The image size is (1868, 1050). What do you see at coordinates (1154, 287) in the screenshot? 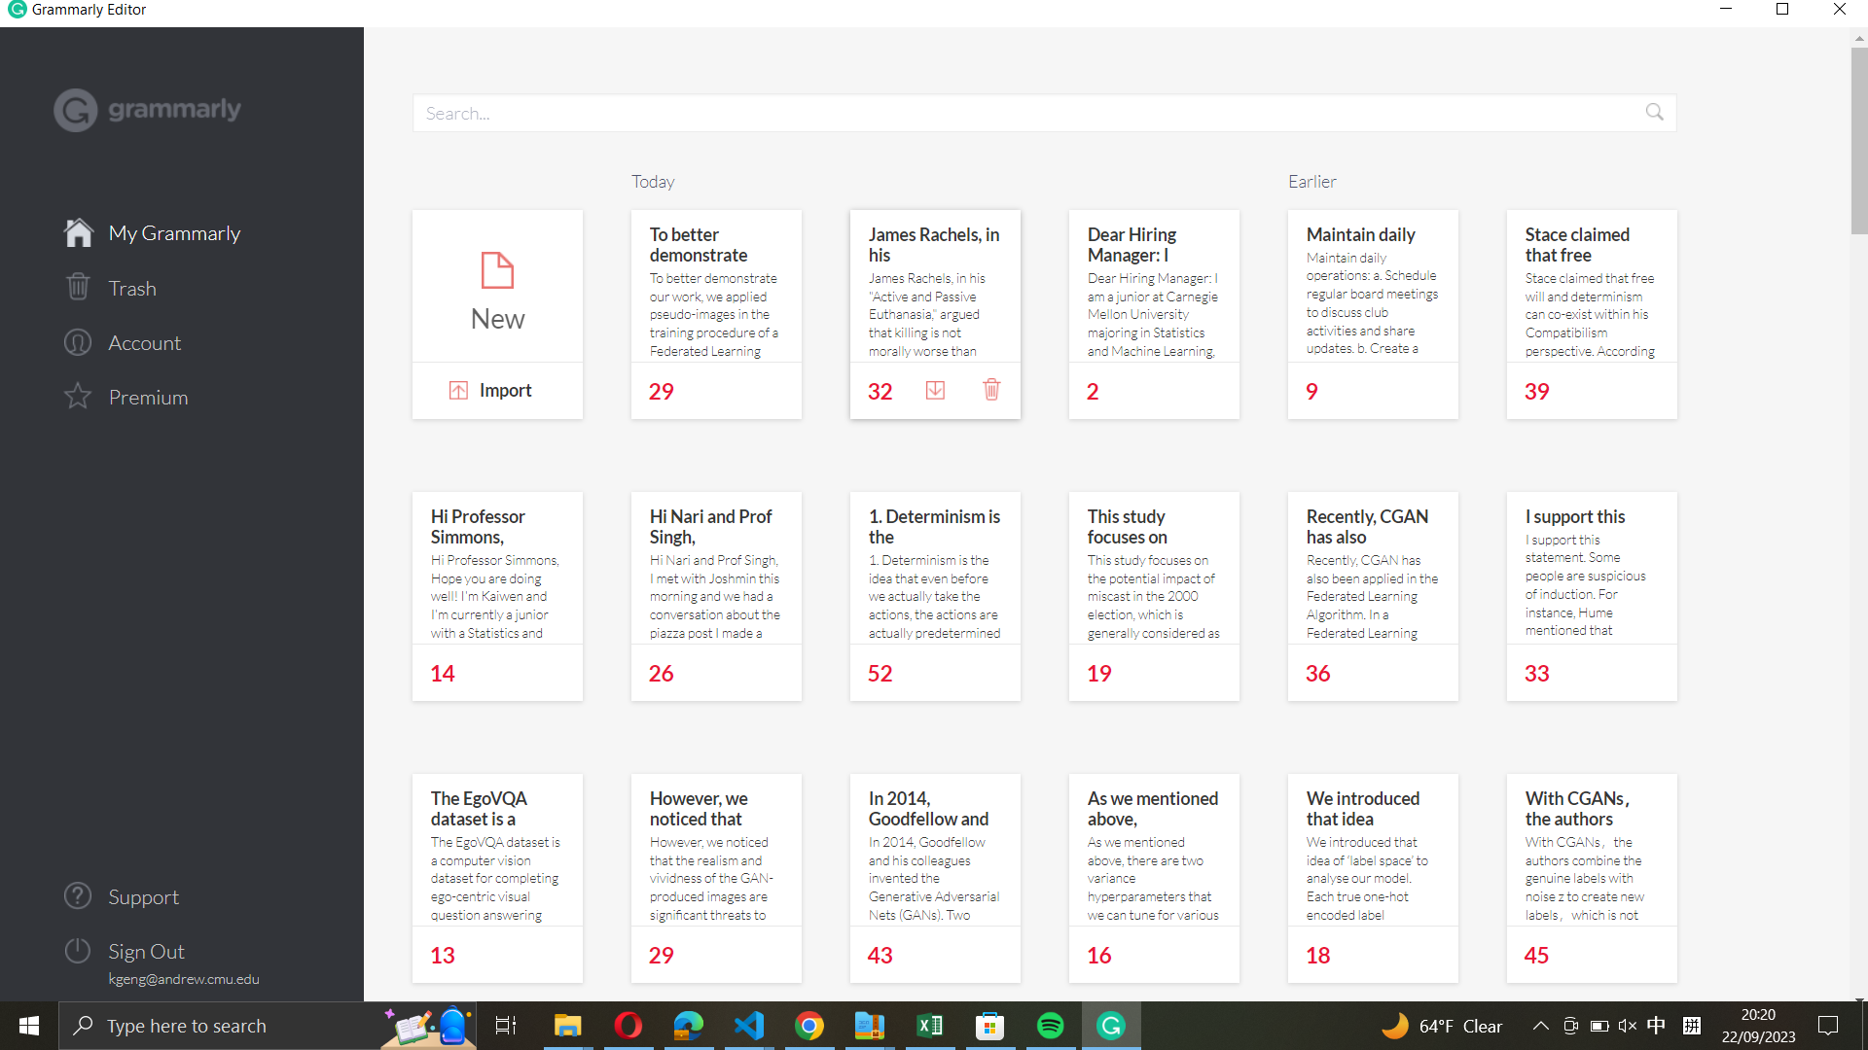
I see `the note related to the hiring manager` at bounding box center [1154, 287].